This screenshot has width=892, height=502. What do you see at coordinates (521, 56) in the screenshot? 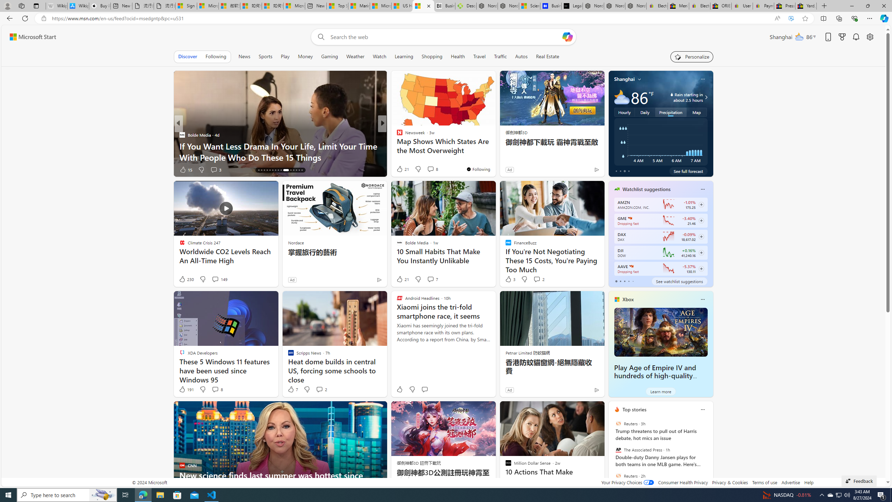
I see `'Autos'` at bounding box center [521, 56].